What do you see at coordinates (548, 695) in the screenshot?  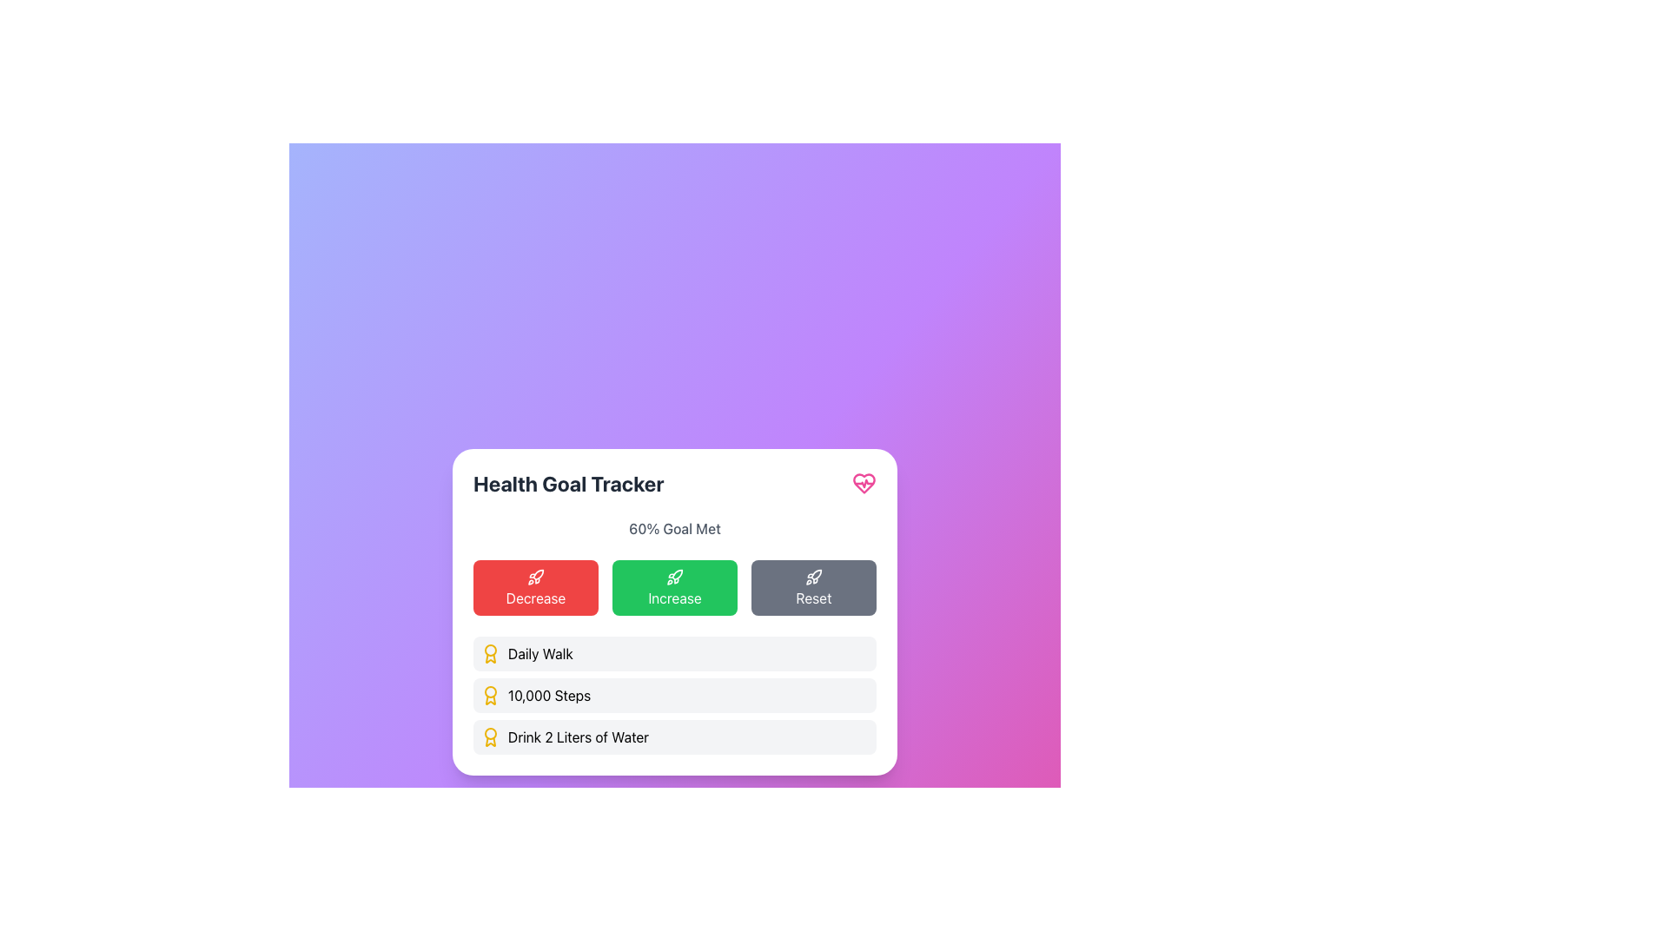 I see `the second text label in the health tracking list that describes the goal of taking 10,000 steps, located to the right of the award icon` at bounding box center [548, 695].